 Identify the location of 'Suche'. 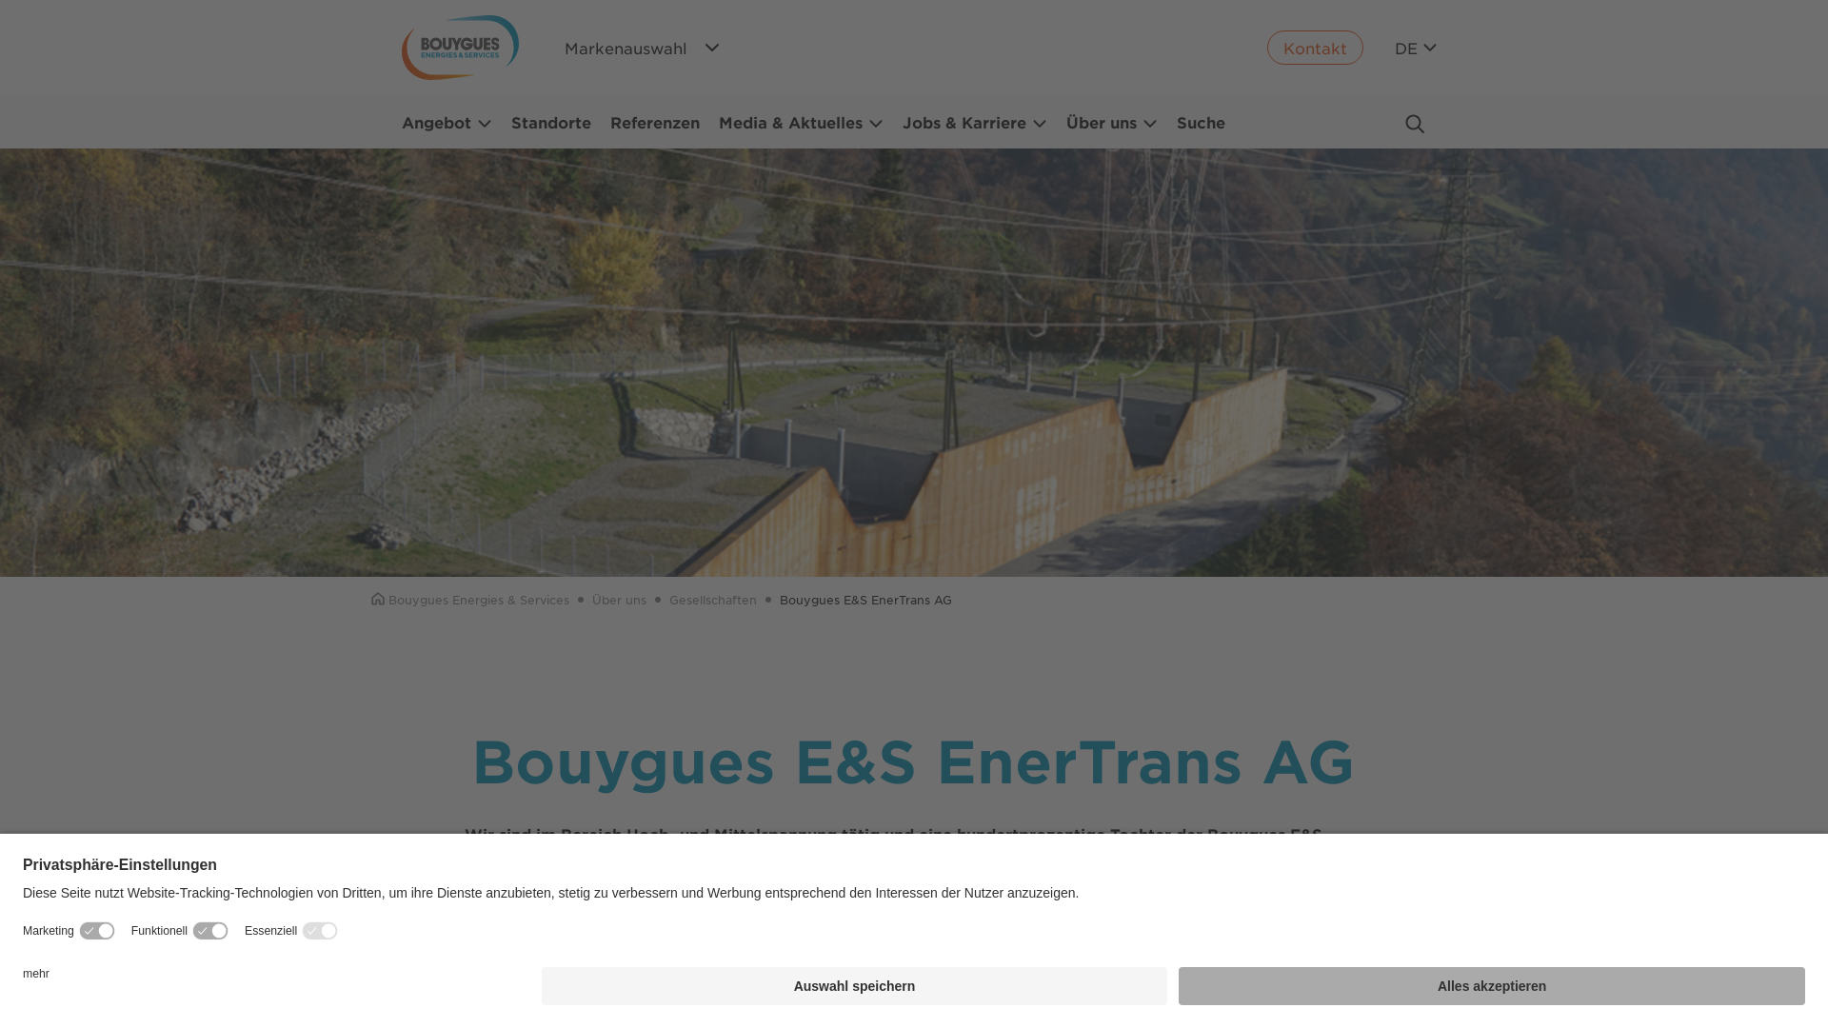
(1200, 121).